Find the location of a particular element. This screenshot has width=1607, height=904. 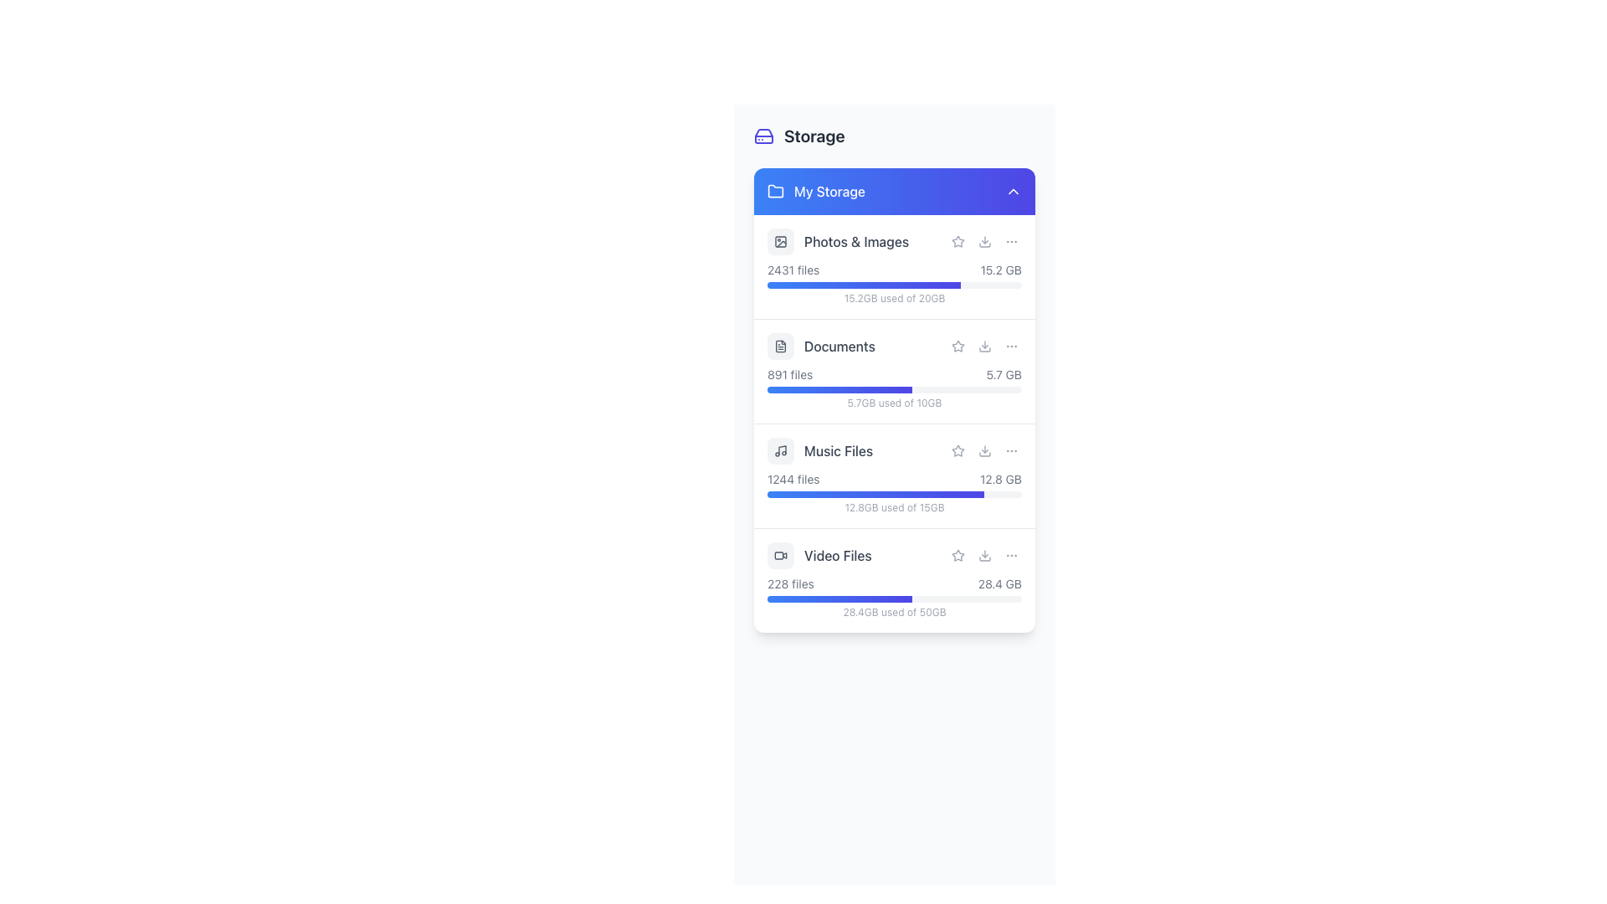

the progress bar located at the bottom of the 'Video Files' section, which has a light gray background and a gradient-filled segment transitioning from blue to indigo is located at coordinates (894, 598).